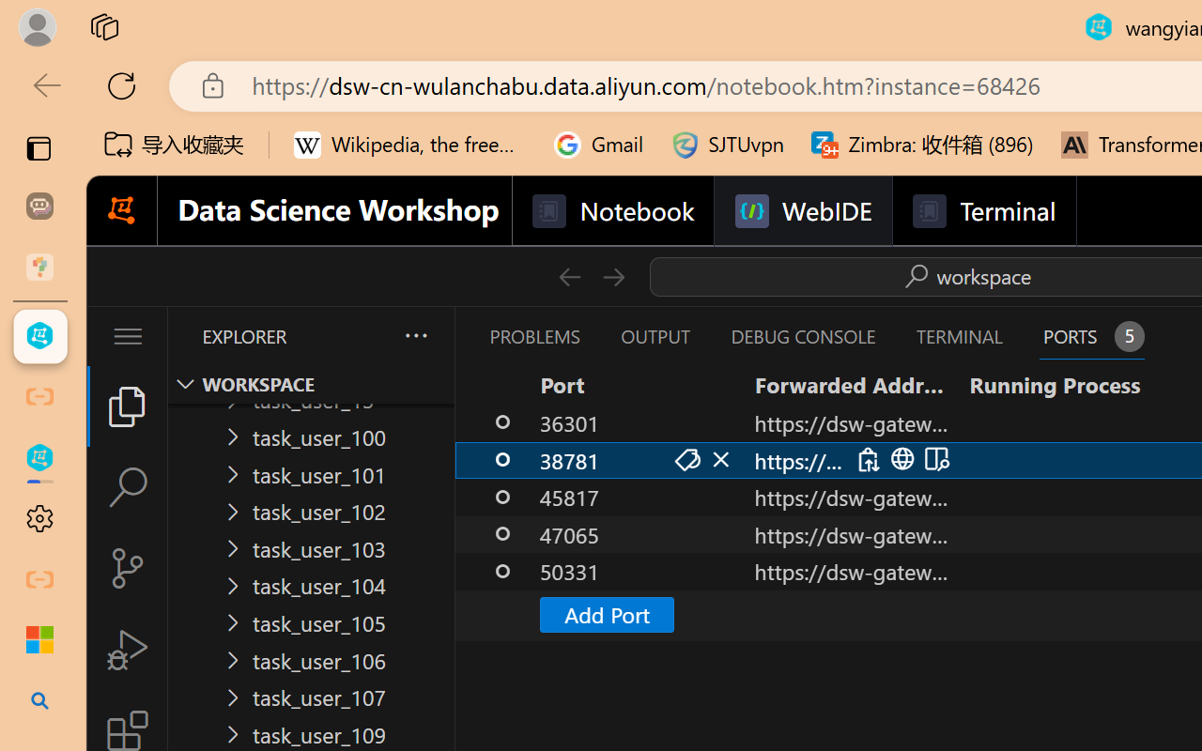 This screenshot has height=751, width=1202. I want to click on 'Terminal (Ctrl+`)', so click(959, 336).